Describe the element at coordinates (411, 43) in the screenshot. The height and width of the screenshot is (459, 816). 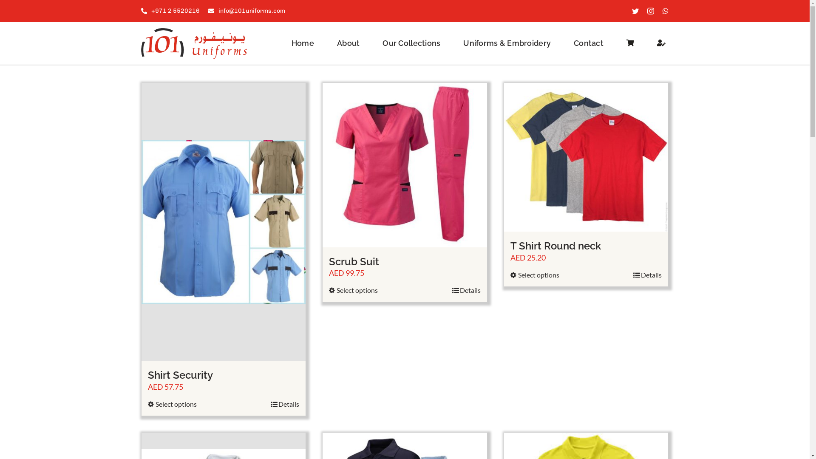
I see `'Our Collections'` at that location.